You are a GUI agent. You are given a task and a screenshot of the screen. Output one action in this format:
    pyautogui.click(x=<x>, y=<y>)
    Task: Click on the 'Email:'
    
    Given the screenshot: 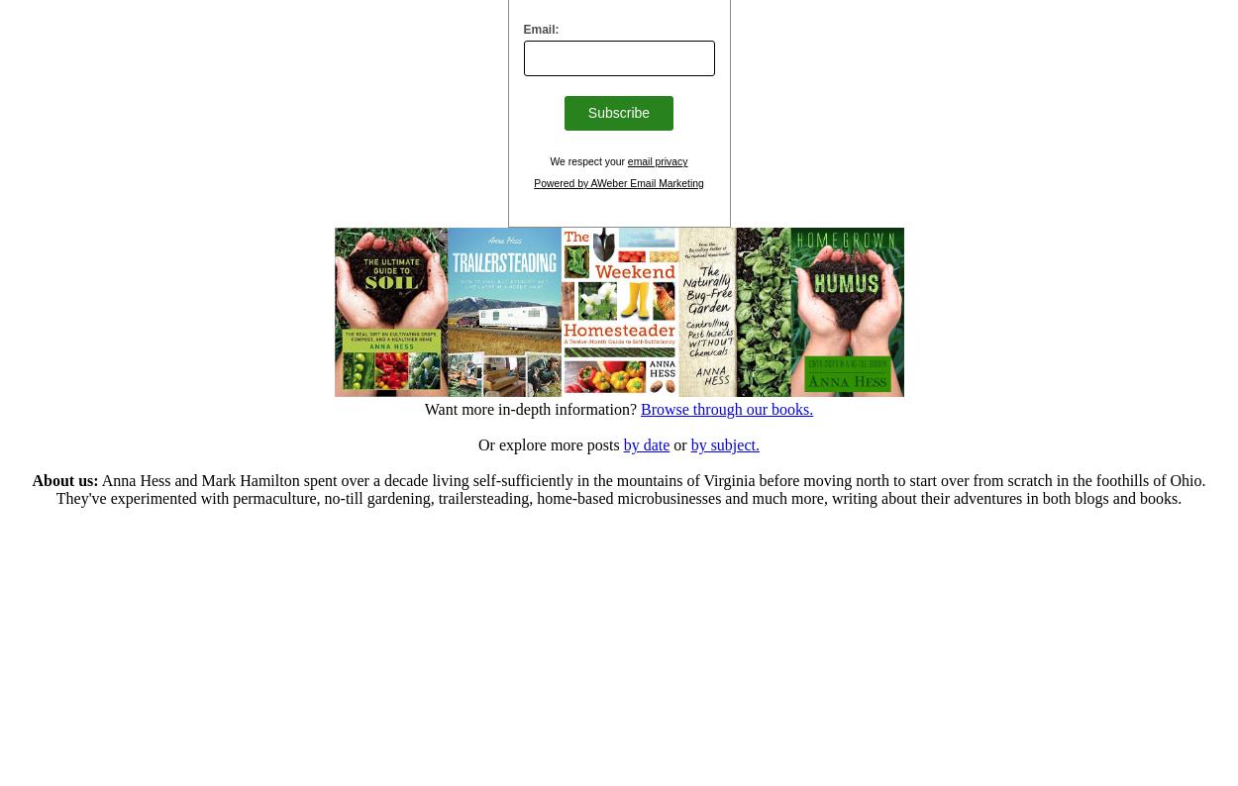 What is the action you would take?
    pyautogui.click(x=523, y=27)
    